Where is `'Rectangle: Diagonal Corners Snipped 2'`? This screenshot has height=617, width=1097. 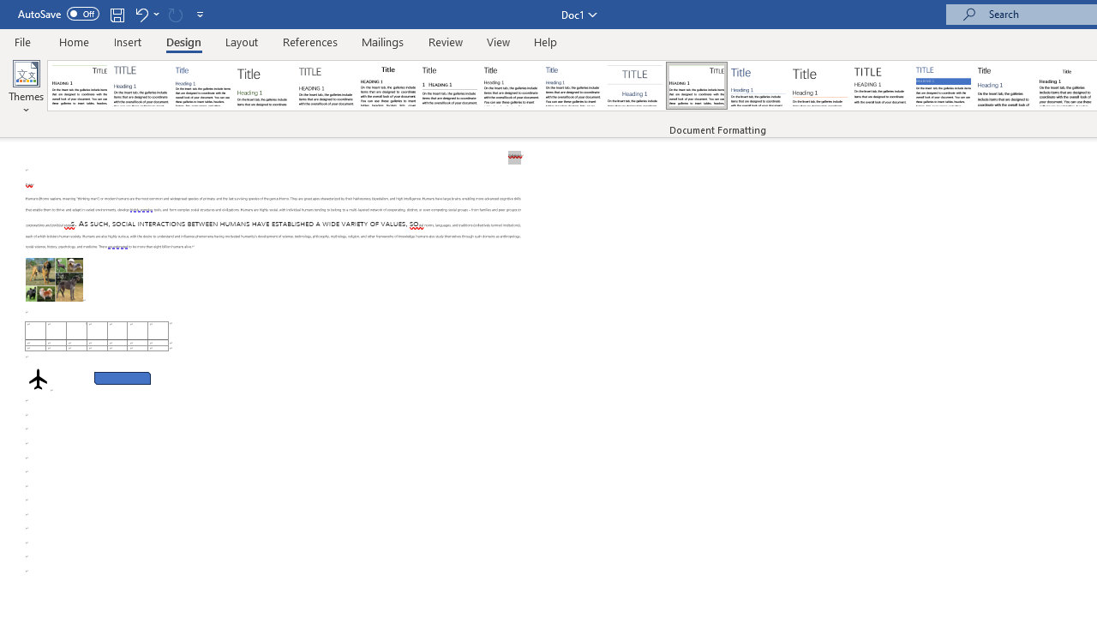 'Rectangle: Diagonal Corners Snipped 2' is located at coordinates (122, 377).